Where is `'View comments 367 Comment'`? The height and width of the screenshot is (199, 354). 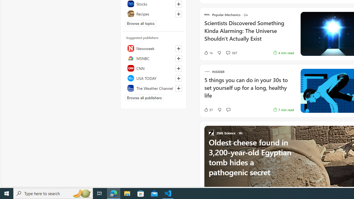 'View comments 367 Comment' is located at coordinates (228, 53).